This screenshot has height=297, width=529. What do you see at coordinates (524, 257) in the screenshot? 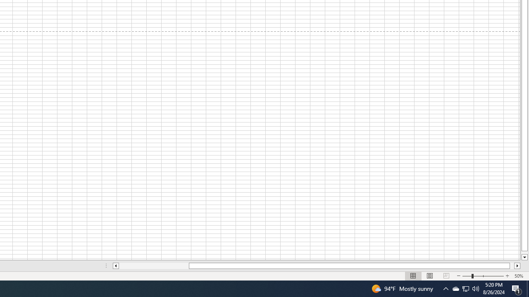
I see `'Line down'` at bounding box center [524, 257].